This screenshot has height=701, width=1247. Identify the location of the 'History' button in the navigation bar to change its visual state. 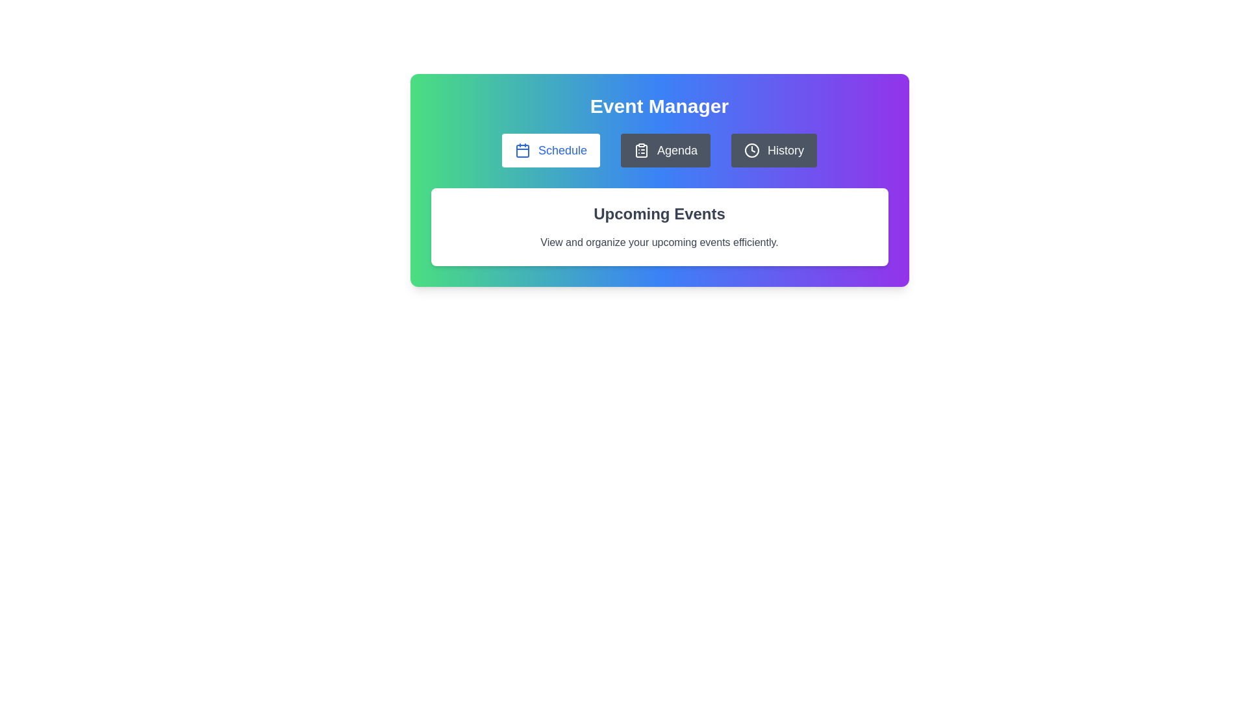
(774, 149).